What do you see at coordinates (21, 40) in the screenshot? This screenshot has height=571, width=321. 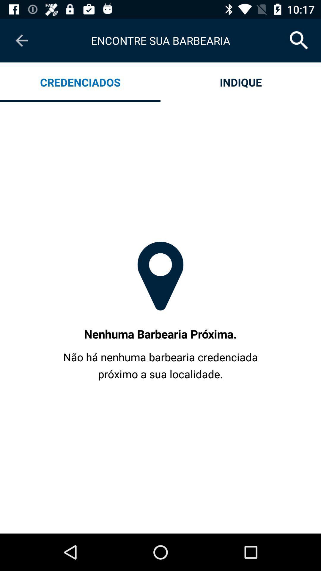 I see `the item above credenciados app` at bounding box center [21, 40].